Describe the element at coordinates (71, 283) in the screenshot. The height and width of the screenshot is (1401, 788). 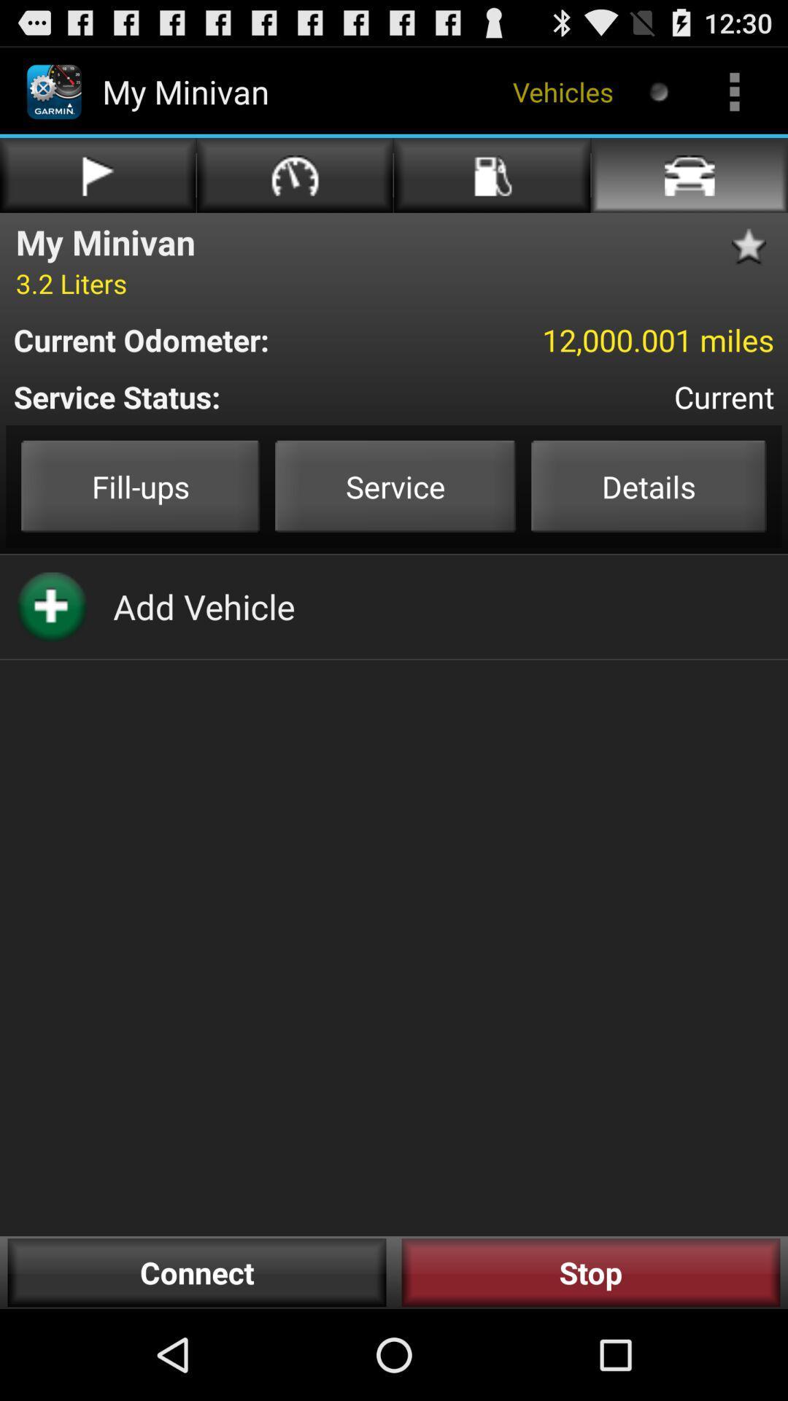
I see `item below my minivan item` at that location.